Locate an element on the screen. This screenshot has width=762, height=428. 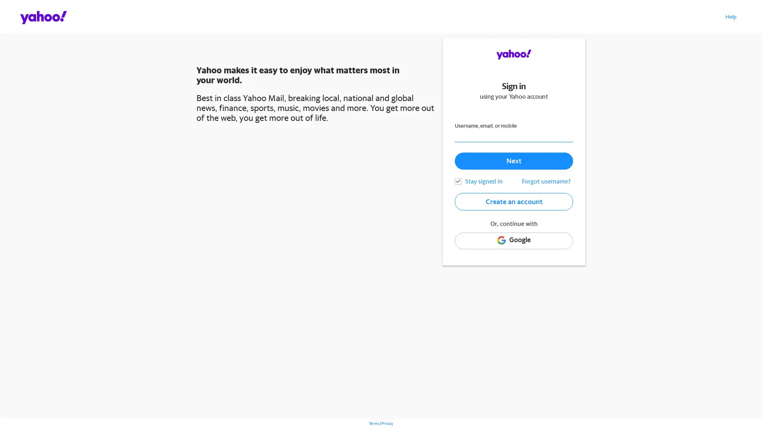
Create an account is located at coordinates (514, 201).